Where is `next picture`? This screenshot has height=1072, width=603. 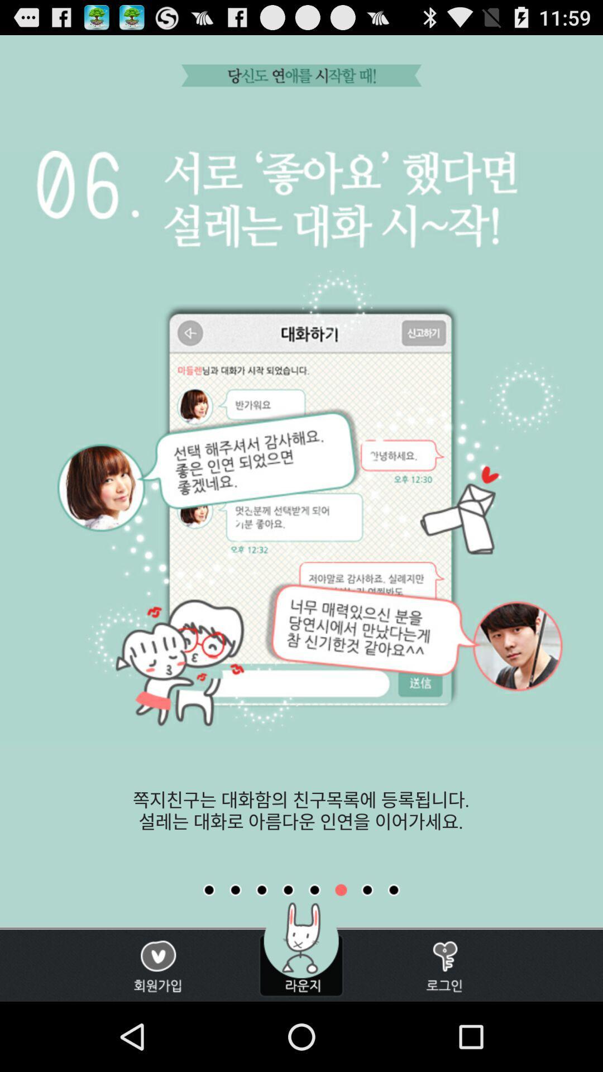 next picture is located at coordinates (367, 889).